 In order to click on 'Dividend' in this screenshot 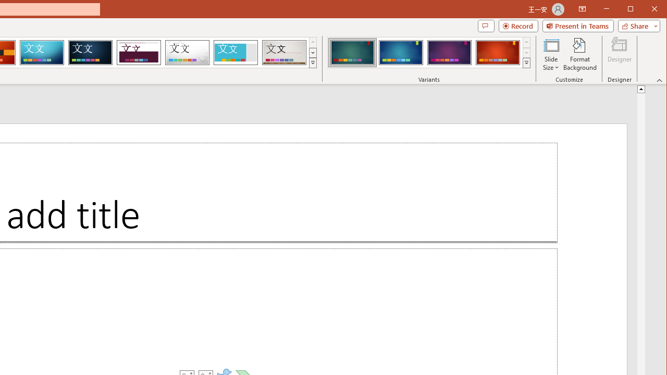, I will do `click(138, 52)`.